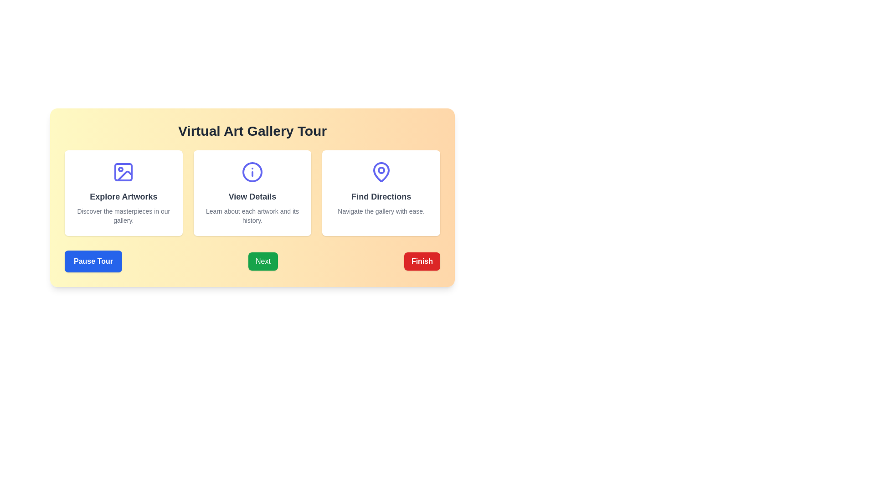  I want to click on the decorative icon at the top-center of the first card in the 'Explore Artworks' section, so click(123, 172).